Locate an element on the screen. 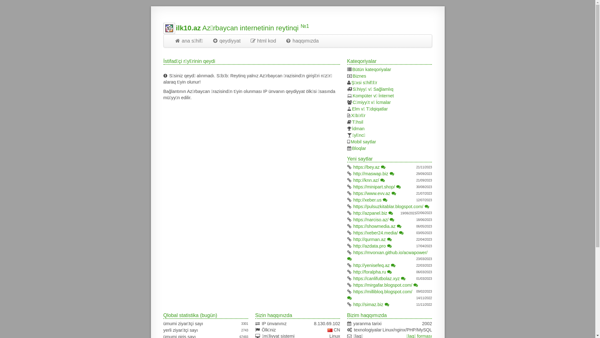 This screenshot has height=338, width=600. 'http://azpanel.biz' is located at coordinates (370, 213).